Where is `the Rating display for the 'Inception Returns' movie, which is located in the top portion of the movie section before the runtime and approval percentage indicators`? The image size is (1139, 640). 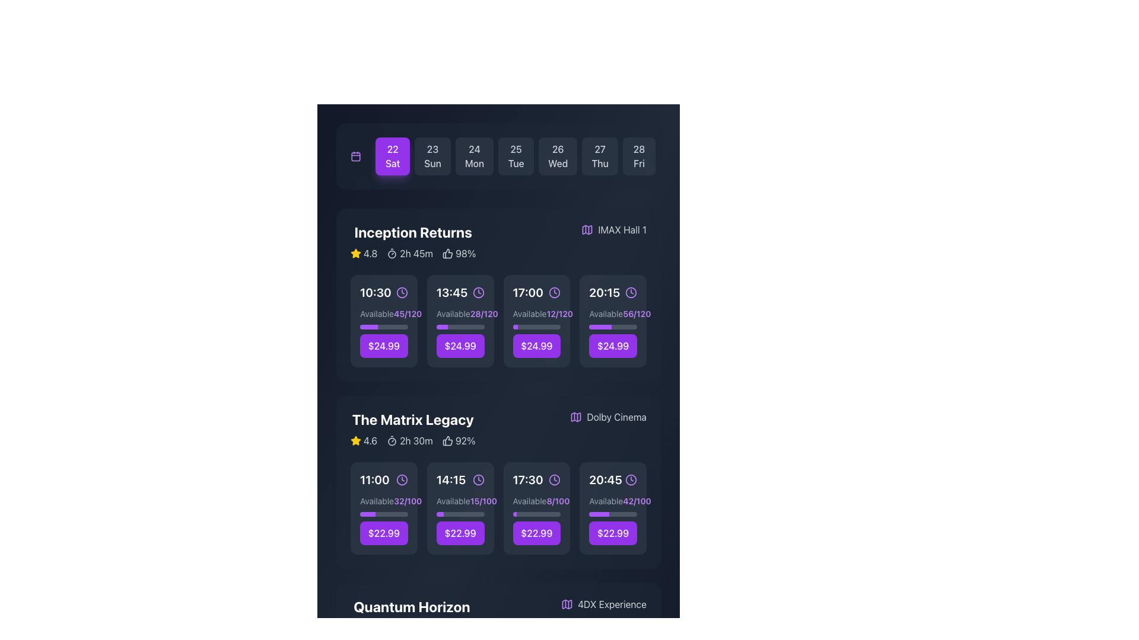
the Rating display for the 'Inception Returns' movie, which is located in the top portion of the movie section before the runtime and approval percentage indicators is located at coordinates (363, 253).